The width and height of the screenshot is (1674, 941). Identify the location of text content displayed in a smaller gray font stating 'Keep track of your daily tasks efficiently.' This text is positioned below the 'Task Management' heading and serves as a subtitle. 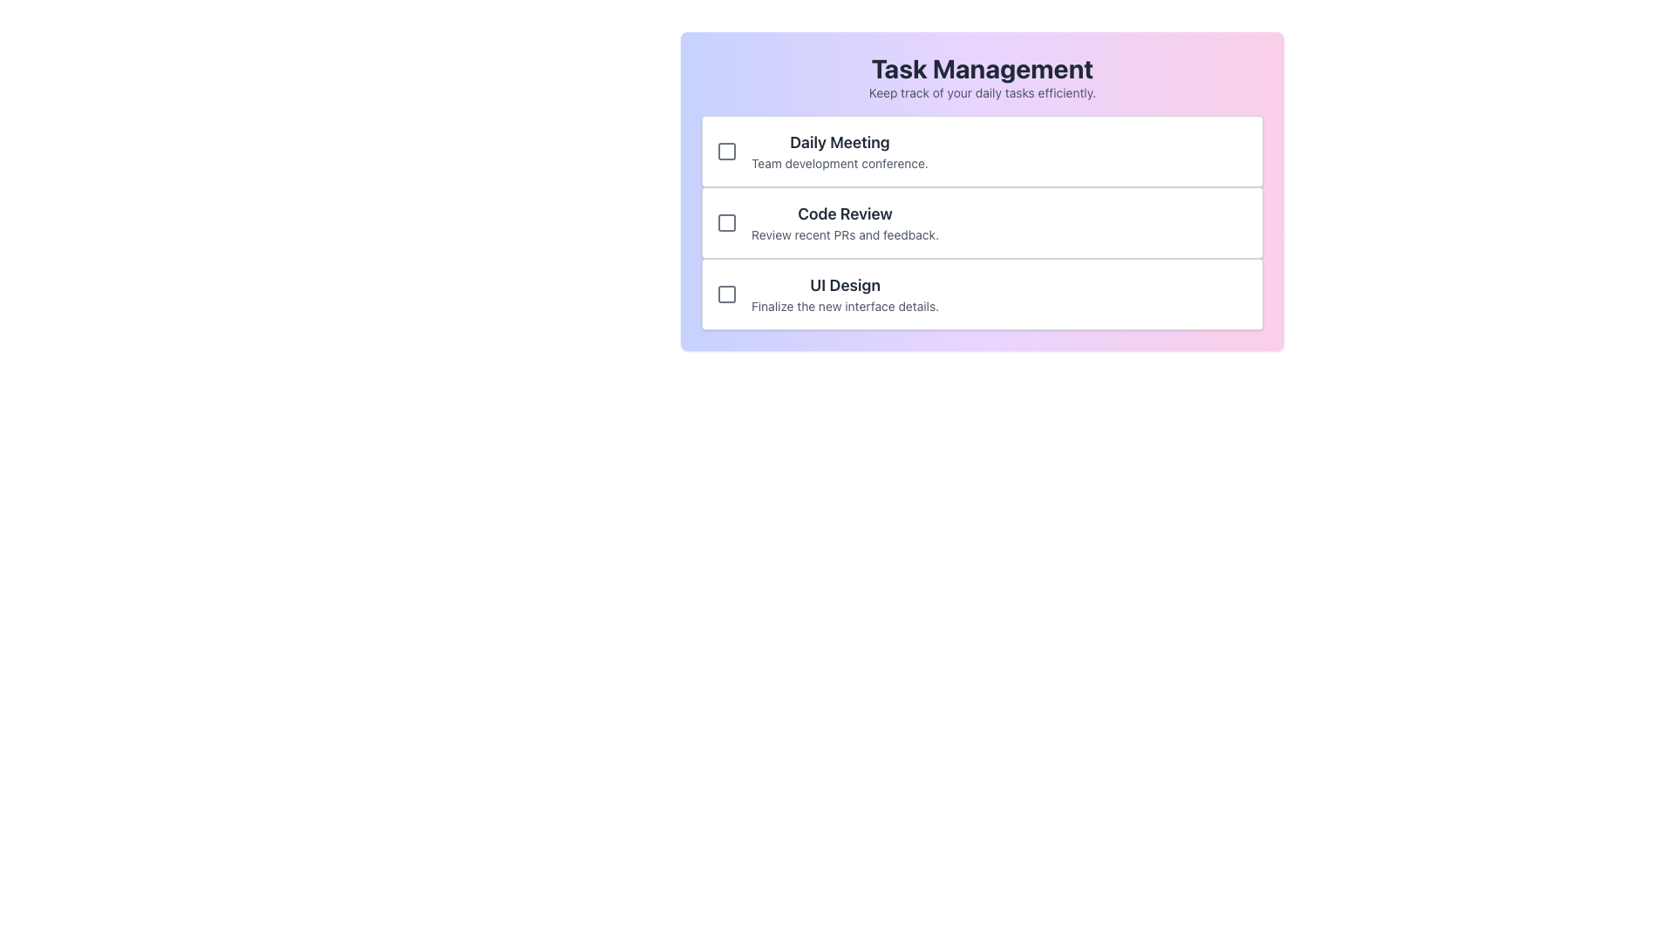
(983, 93).